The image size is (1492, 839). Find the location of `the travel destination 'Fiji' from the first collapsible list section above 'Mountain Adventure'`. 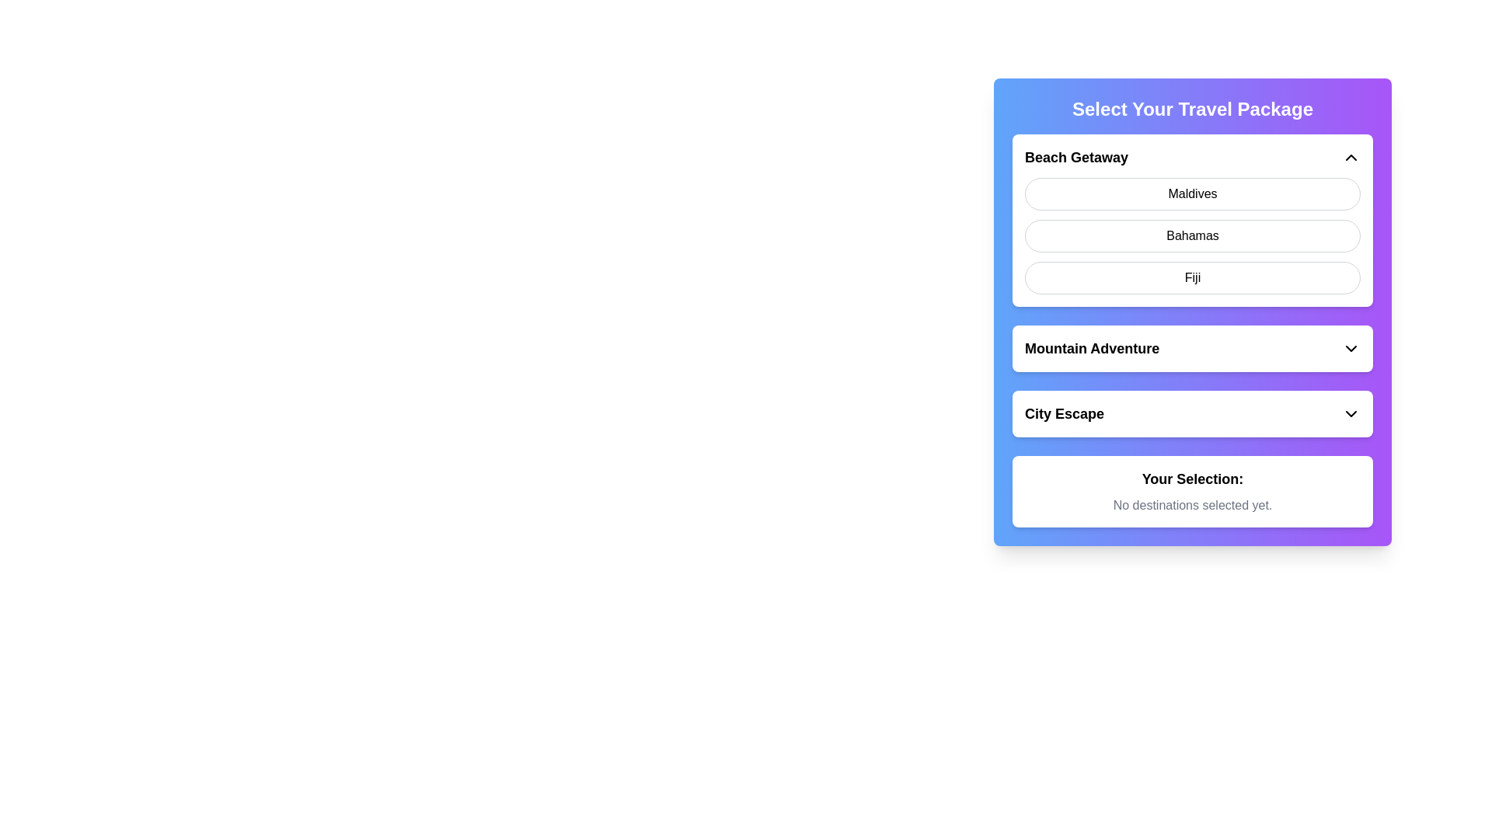

the travel destination 'Fiji' from the first collapsible list section above 'Mountain Adventure' is located at coordinates (1192, 285).